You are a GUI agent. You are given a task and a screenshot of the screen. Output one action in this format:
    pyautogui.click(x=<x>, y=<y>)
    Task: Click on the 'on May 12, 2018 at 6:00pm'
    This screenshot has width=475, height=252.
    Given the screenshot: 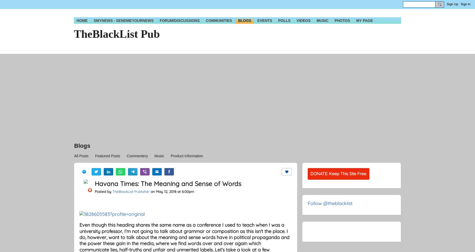 What is the action you would take?
    pyautogui.click(x=172, y=191)
    